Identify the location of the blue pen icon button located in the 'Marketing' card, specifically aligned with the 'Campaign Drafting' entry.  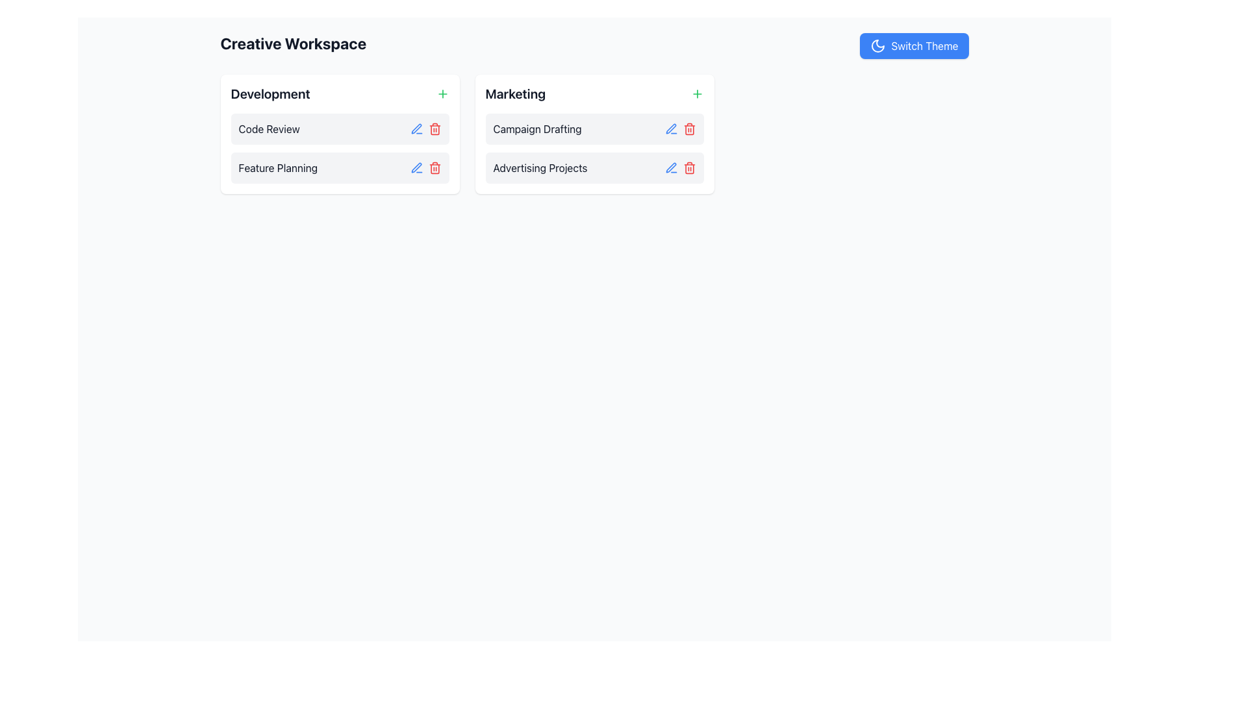
(671, 129).